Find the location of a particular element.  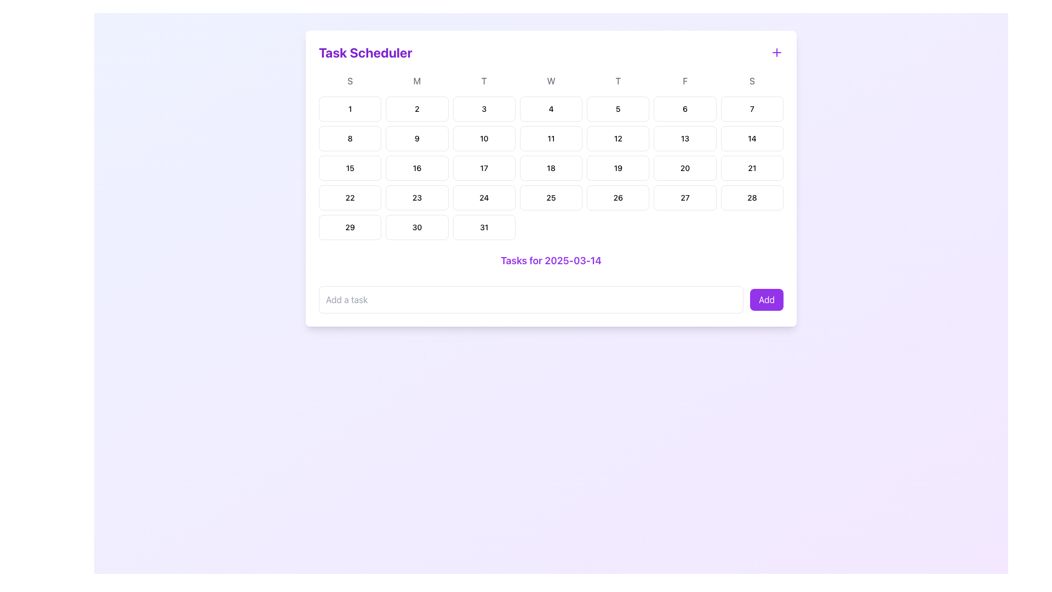

text label 'S' which is the first character in a row of day labels at the top of the scheduler interface is located at coordinates (350, 80).